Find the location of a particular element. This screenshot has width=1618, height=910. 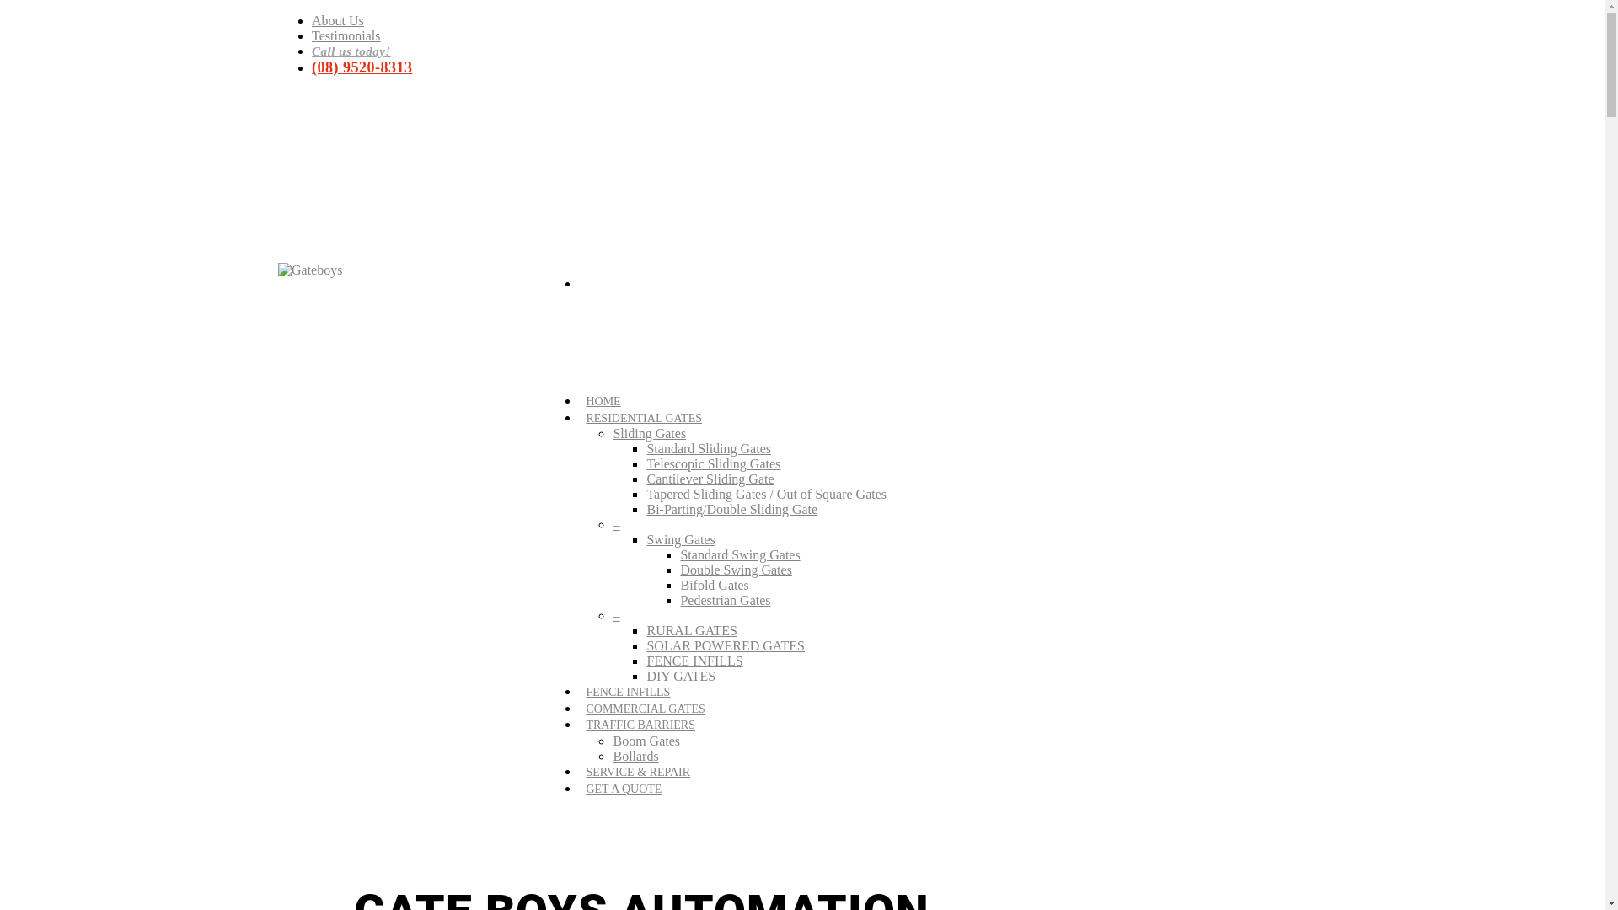

'Telescopic Sliding Gates' is located at coordinates (713, 463).